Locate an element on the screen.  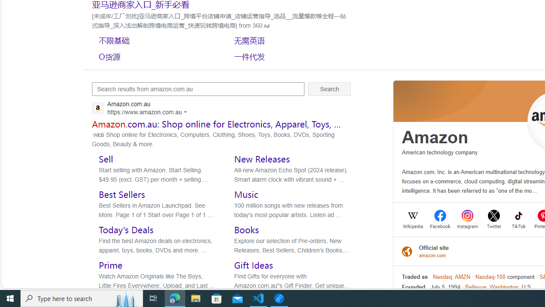
'amazon.com' is located at coordinates (434, 255).